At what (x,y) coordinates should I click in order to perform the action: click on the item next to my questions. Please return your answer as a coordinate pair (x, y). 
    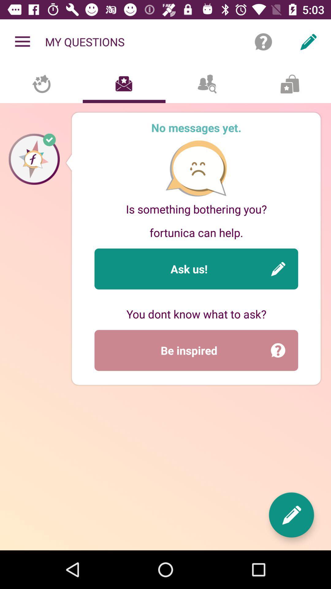
    Looking at the image, I should click on (22, 41).